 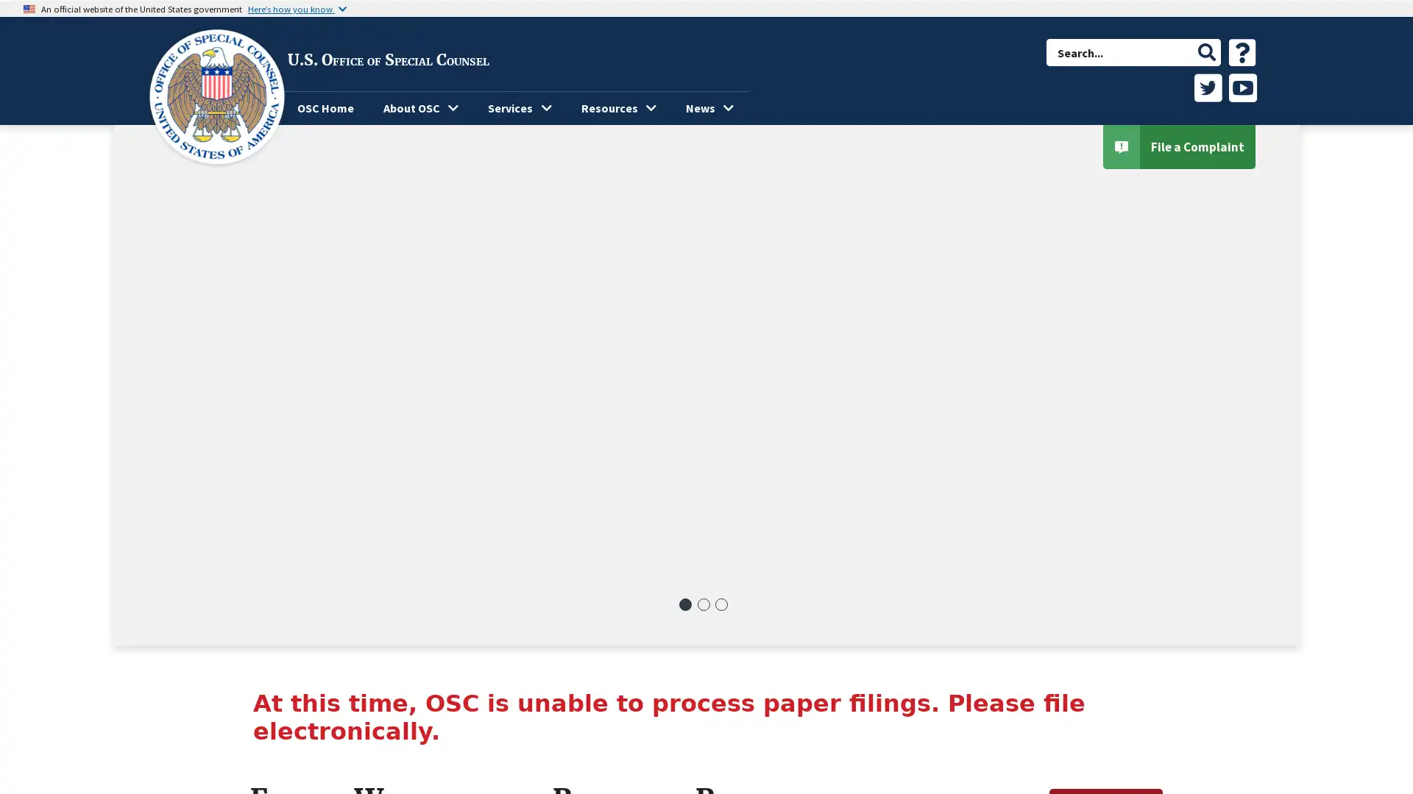 I want to click on Services, so click(x=519, y=107).